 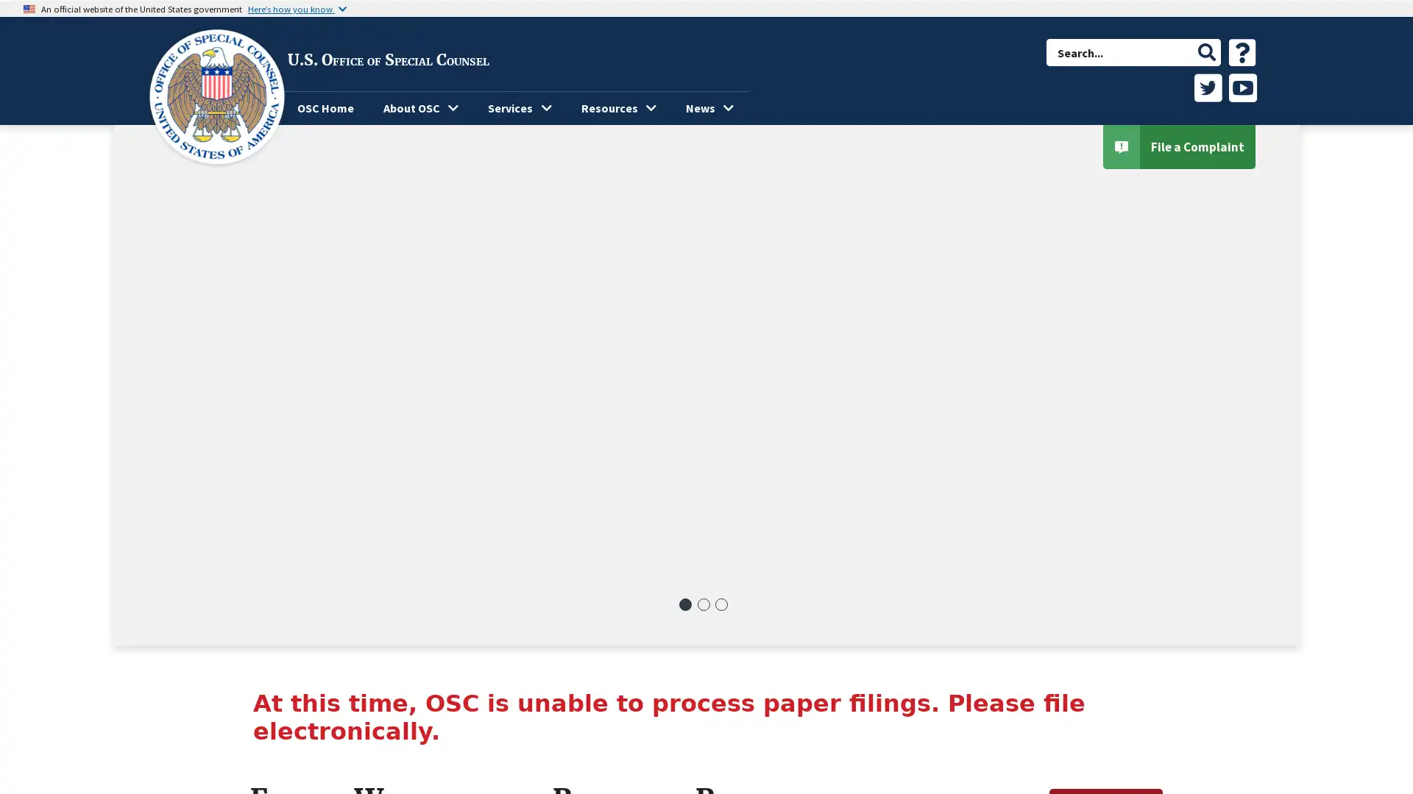 I want to click on Services, so click(x=519, y=107).